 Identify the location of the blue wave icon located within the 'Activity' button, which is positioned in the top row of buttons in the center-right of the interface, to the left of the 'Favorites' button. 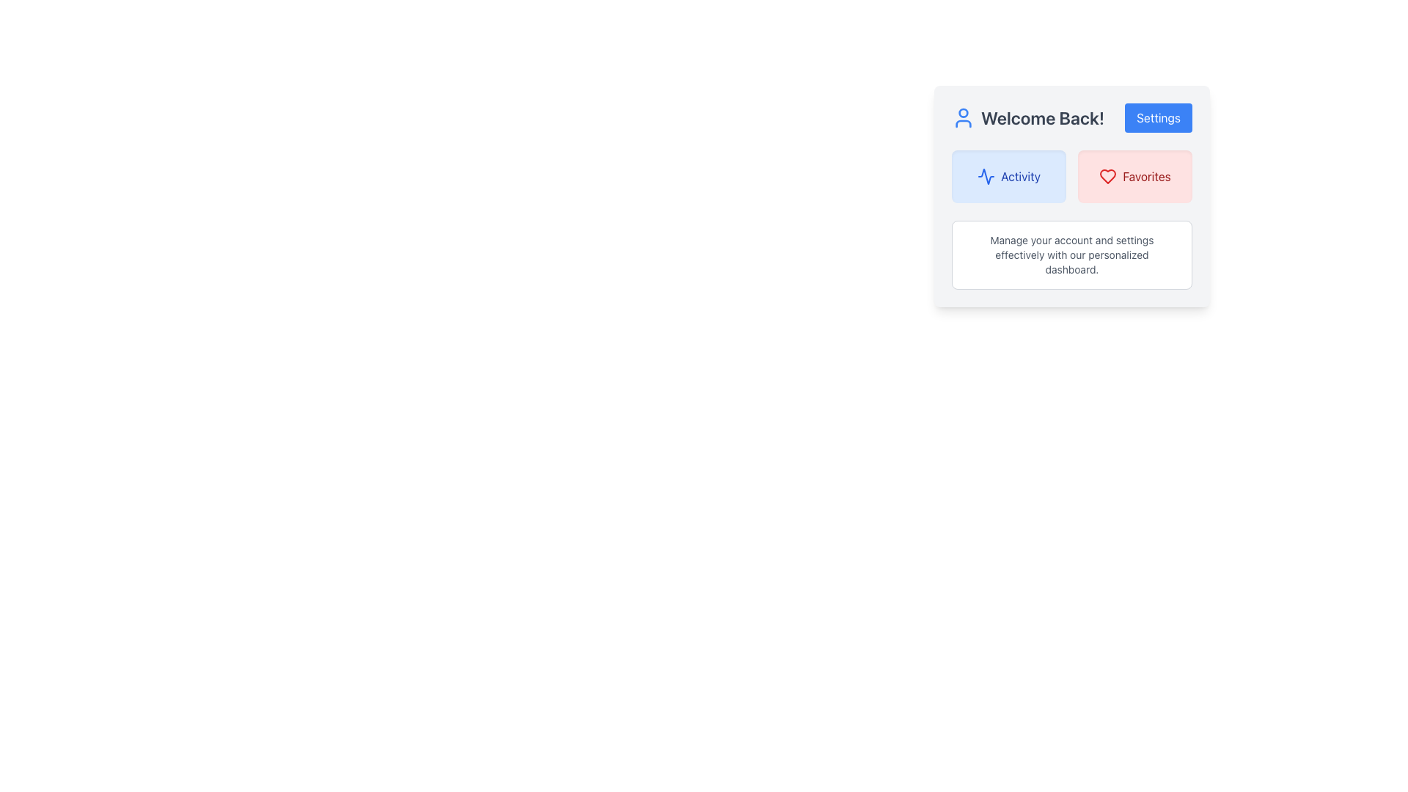
(986, 175).